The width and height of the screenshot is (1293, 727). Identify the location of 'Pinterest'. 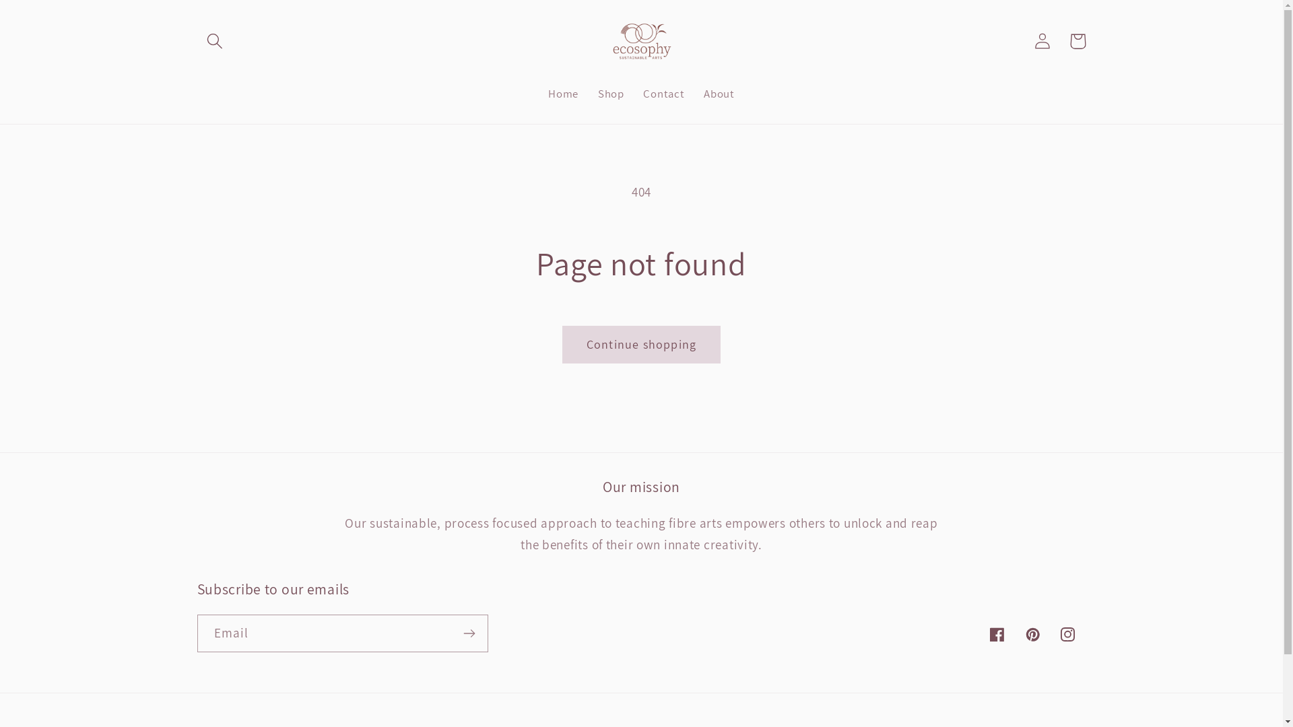
(1032, 634).